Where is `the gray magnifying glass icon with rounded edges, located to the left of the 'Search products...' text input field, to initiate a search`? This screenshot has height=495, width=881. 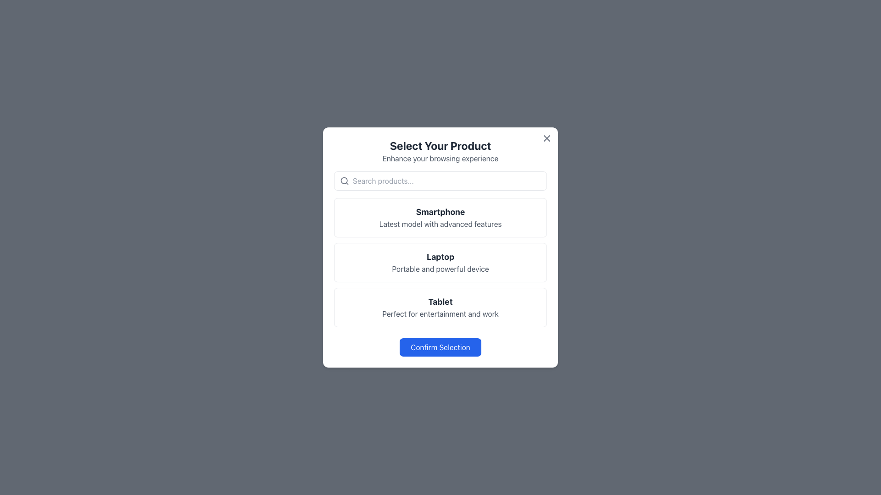
the gray magnifying glass icon with rounded edges, located to the left of the 'Search products...' text input field, to initiate a search is located at coordinates (344, 181).